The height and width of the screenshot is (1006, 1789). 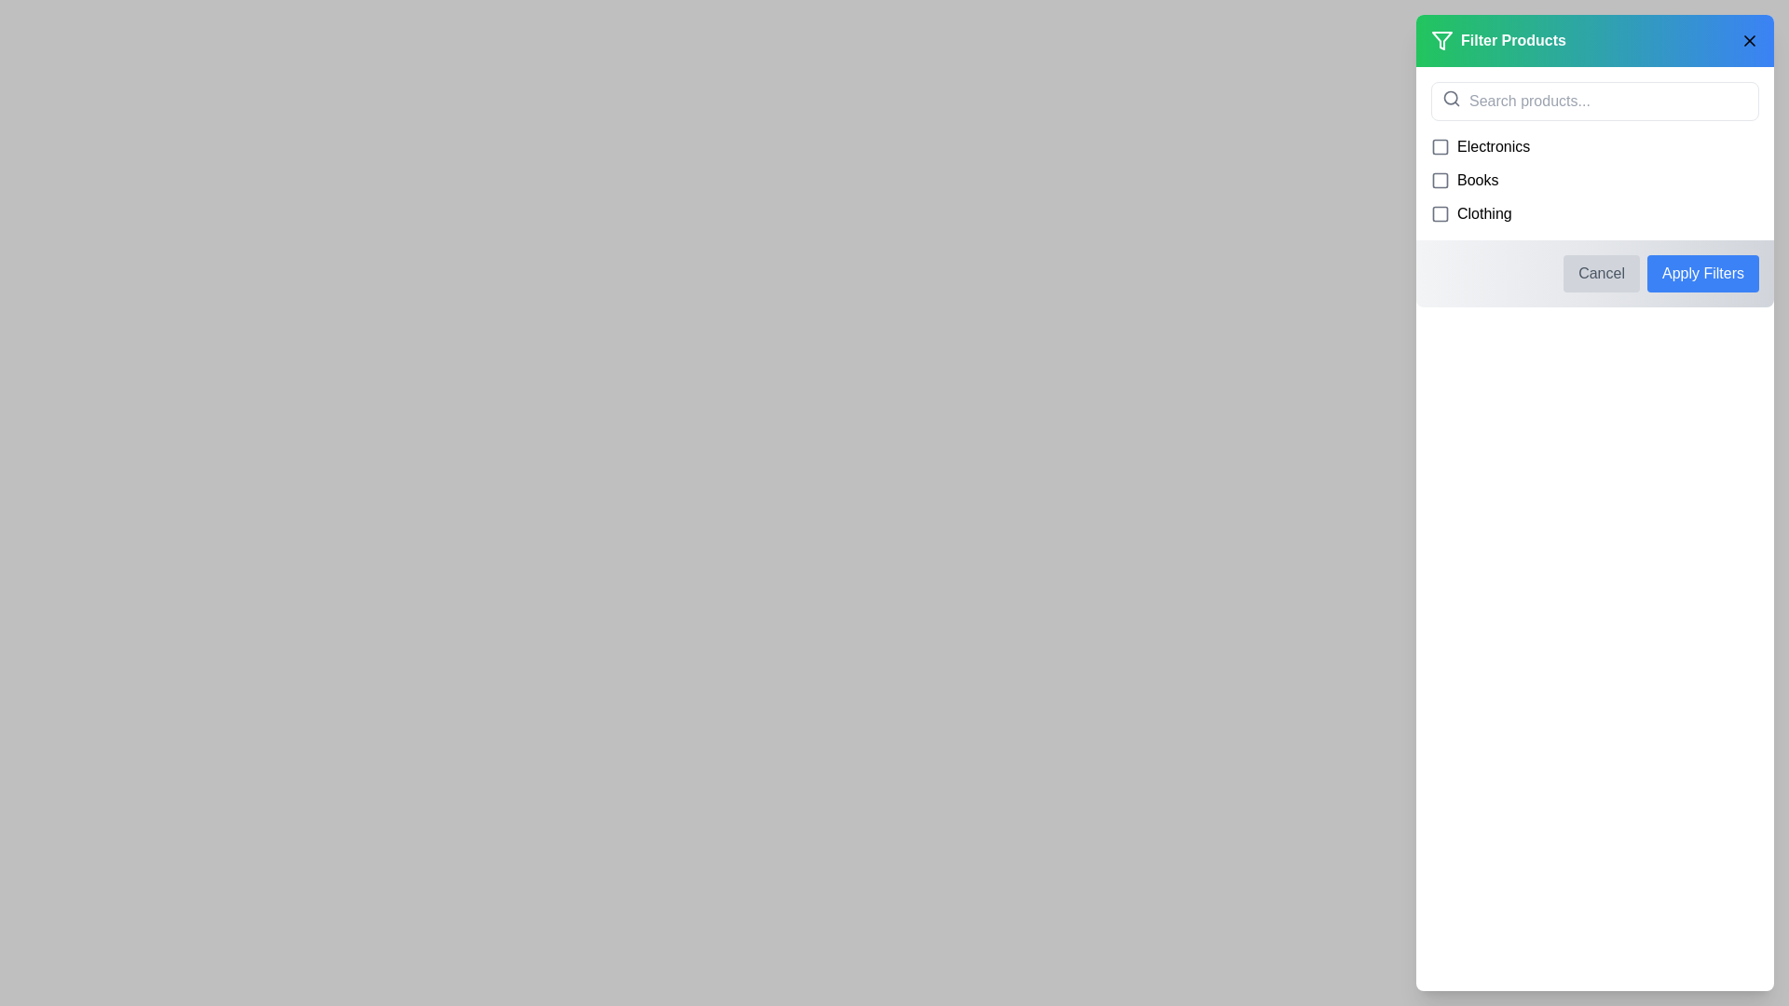 I want to click on the Label with icon that serves as a title for the filtering interface, located in the upper-left of a rectangular section with a green-to-blue gradient background, so click(x=1498, y=40).